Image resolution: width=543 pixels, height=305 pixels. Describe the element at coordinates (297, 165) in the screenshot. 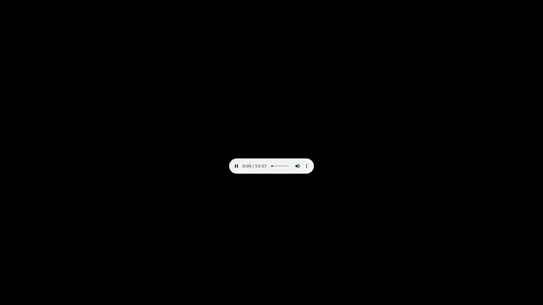

I see `mute` at that location.